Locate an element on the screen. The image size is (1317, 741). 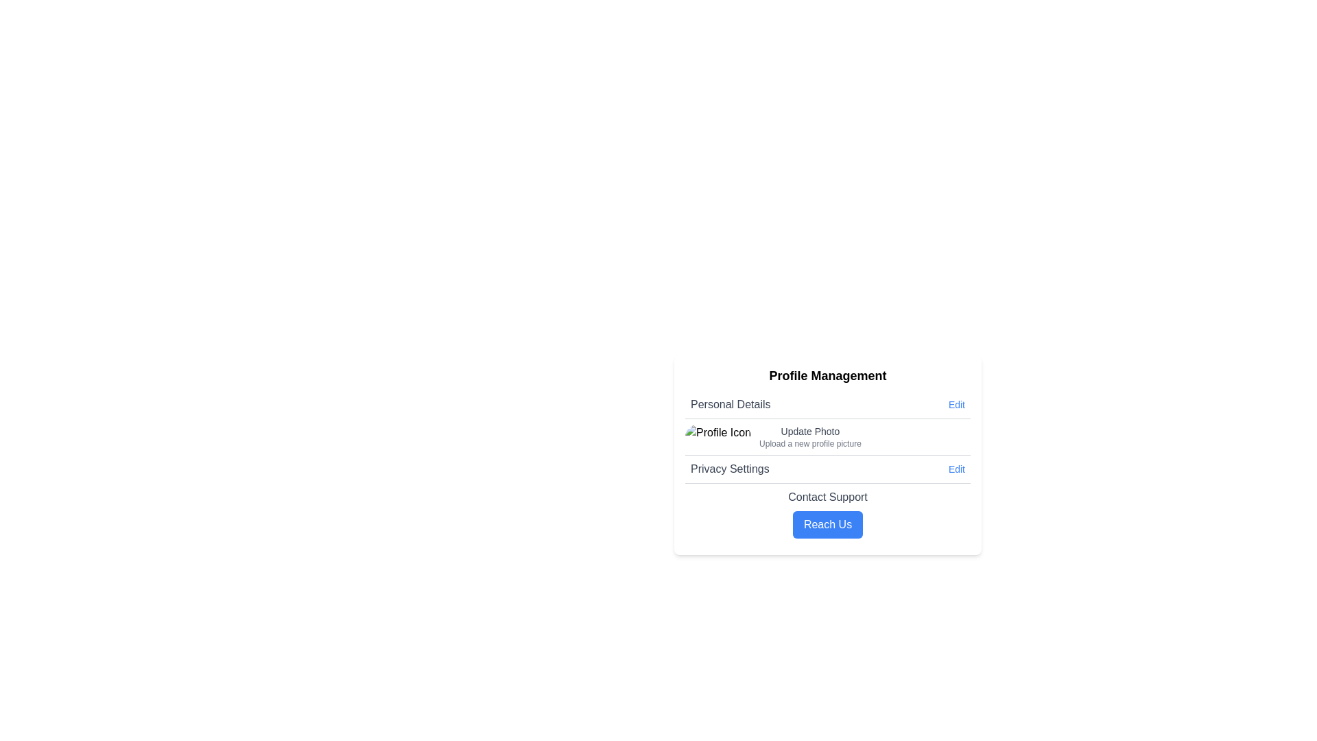
the circular profile image placeholder with the alternative text 'Profile Icon' is located at coordinates (717, 436).